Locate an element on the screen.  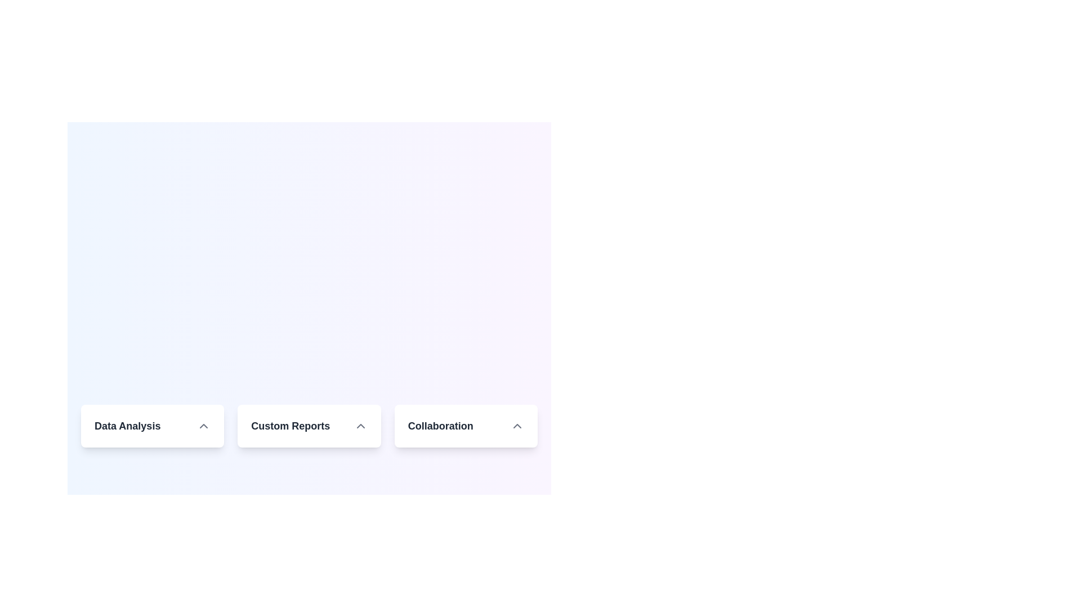
the 'Collaboration' label heading text which is bold and dark gray, located centrally within a card beside a chevron icon is located at coordinates (440, 426).